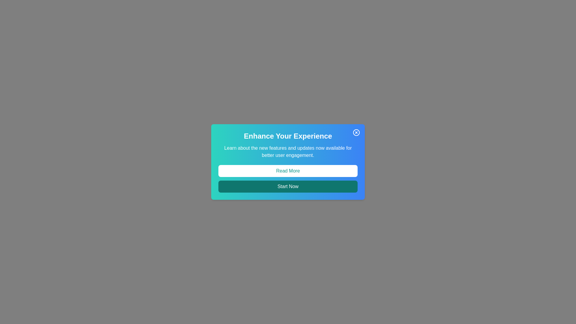  I want to click on 'Read More' button, so click(288, 171).